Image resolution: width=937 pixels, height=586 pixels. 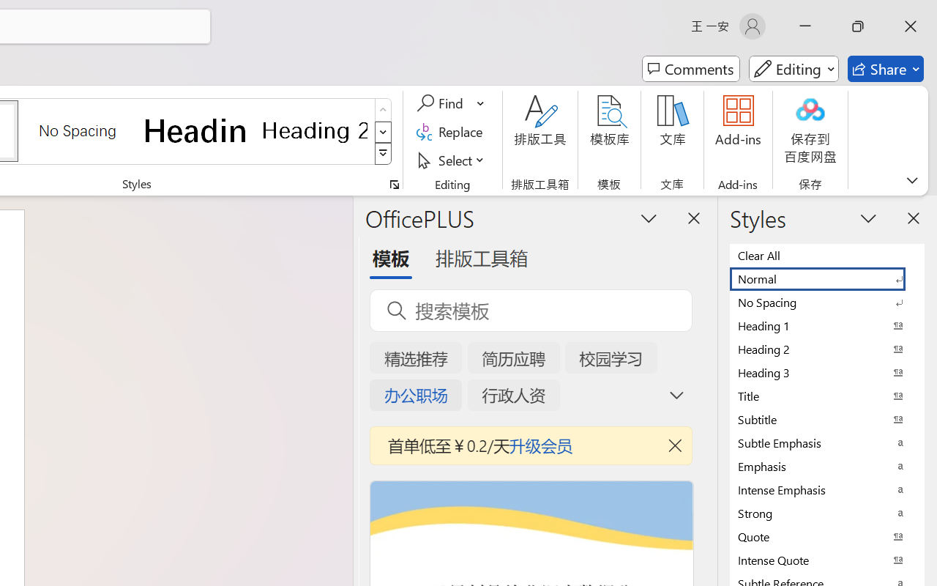 What do you see at coordinates (827, 418) in the screenshot?
I see `'Subtitle'` at bounding box center [827, 418].